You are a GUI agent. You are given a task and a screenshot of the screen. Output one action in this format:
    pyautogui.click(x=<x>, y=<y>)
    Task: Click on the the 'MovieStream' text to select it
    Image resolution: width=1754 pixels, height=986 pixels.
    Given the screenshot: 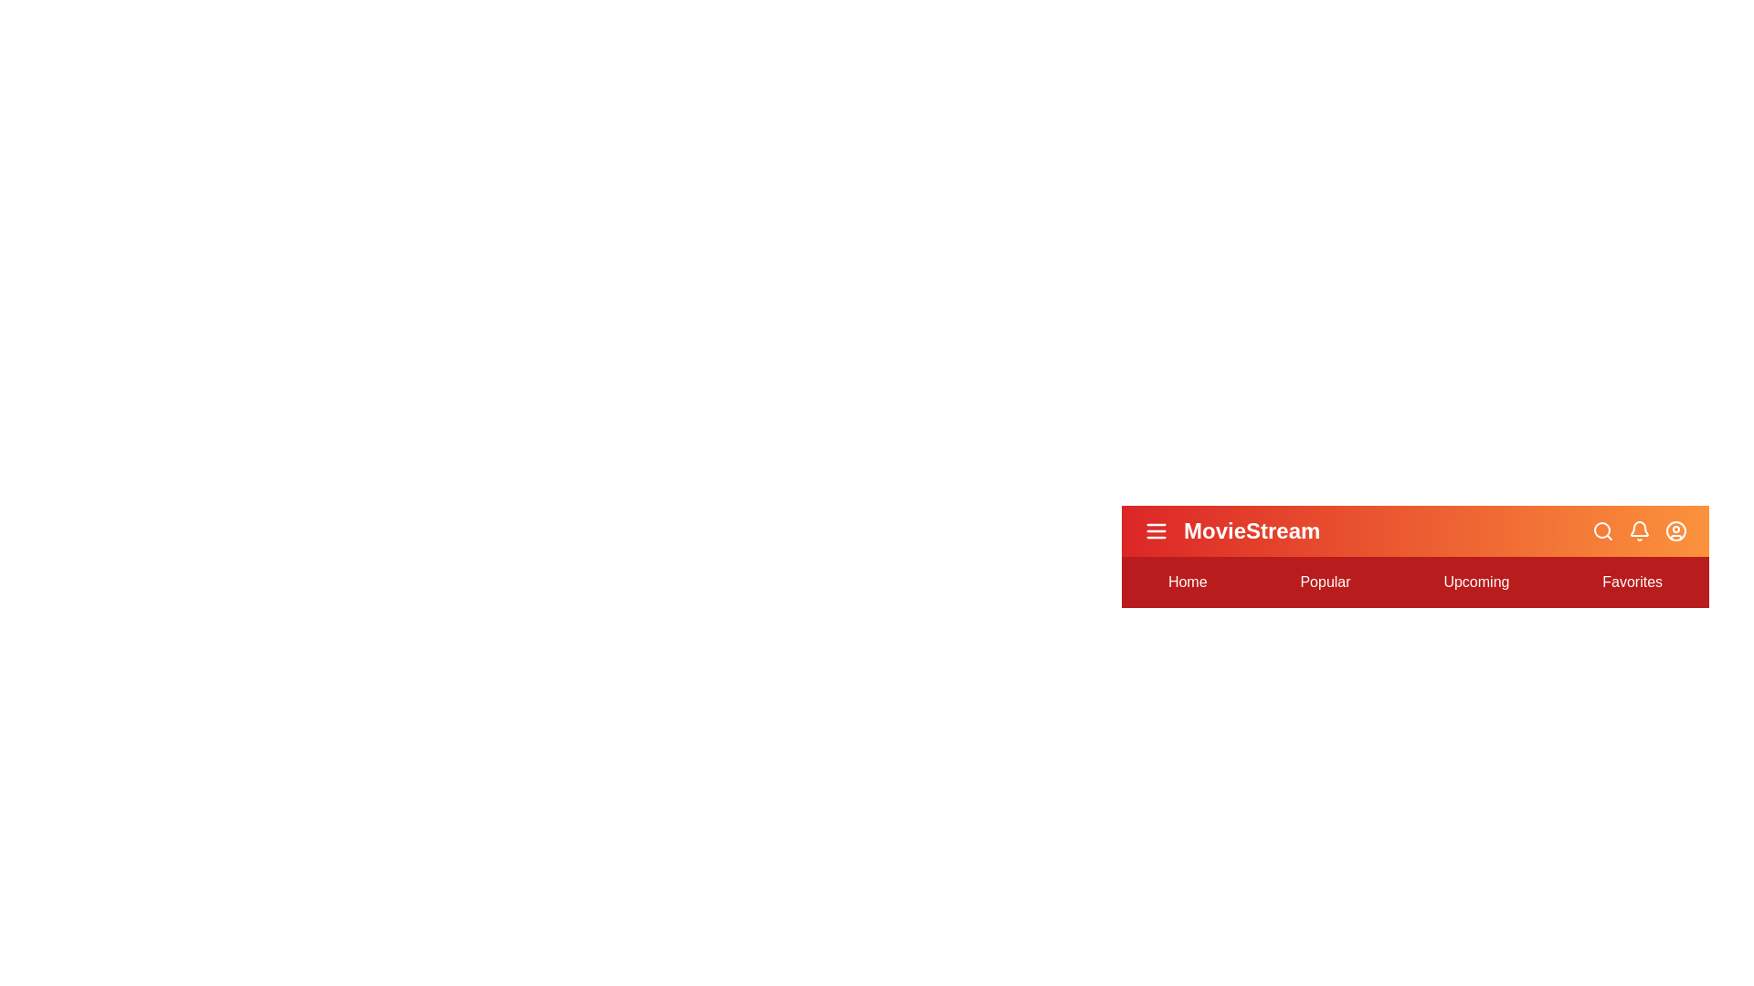 What is the action you would take?
    pyautogui.click(x=1251, y=531)
    